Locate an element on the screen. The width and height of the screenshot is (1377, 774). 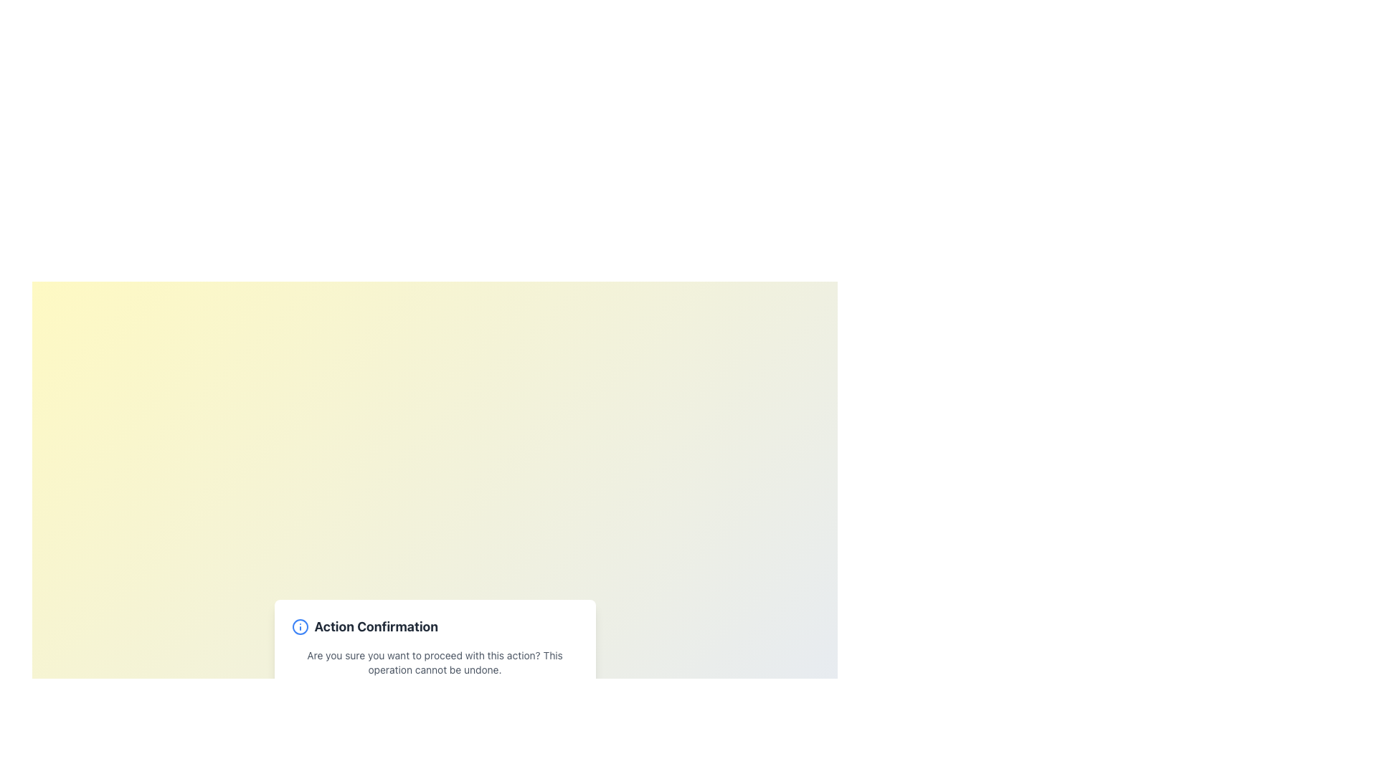
the Text block providing additional information or warning regarding an irreversible action, located below the 'Action Confirmation' title and above the 'Cancel' and 'Confirm' buttons is located at coordinates (434, 663).